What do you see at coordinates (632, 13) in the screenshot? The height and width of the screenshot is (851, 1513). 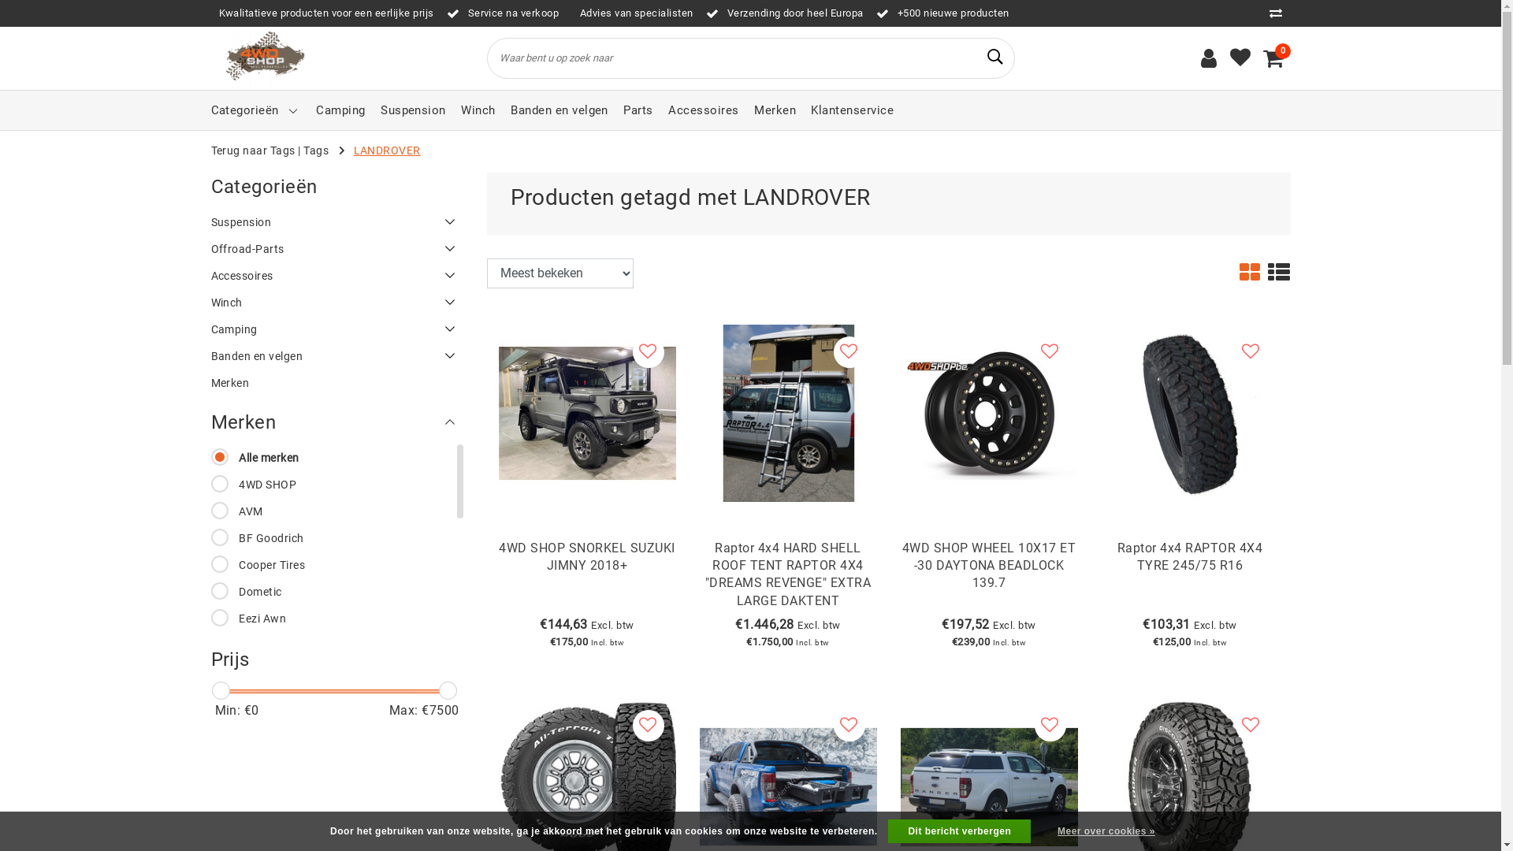 I see `'Advies van specialisten'` at bounding box center [632, 13].